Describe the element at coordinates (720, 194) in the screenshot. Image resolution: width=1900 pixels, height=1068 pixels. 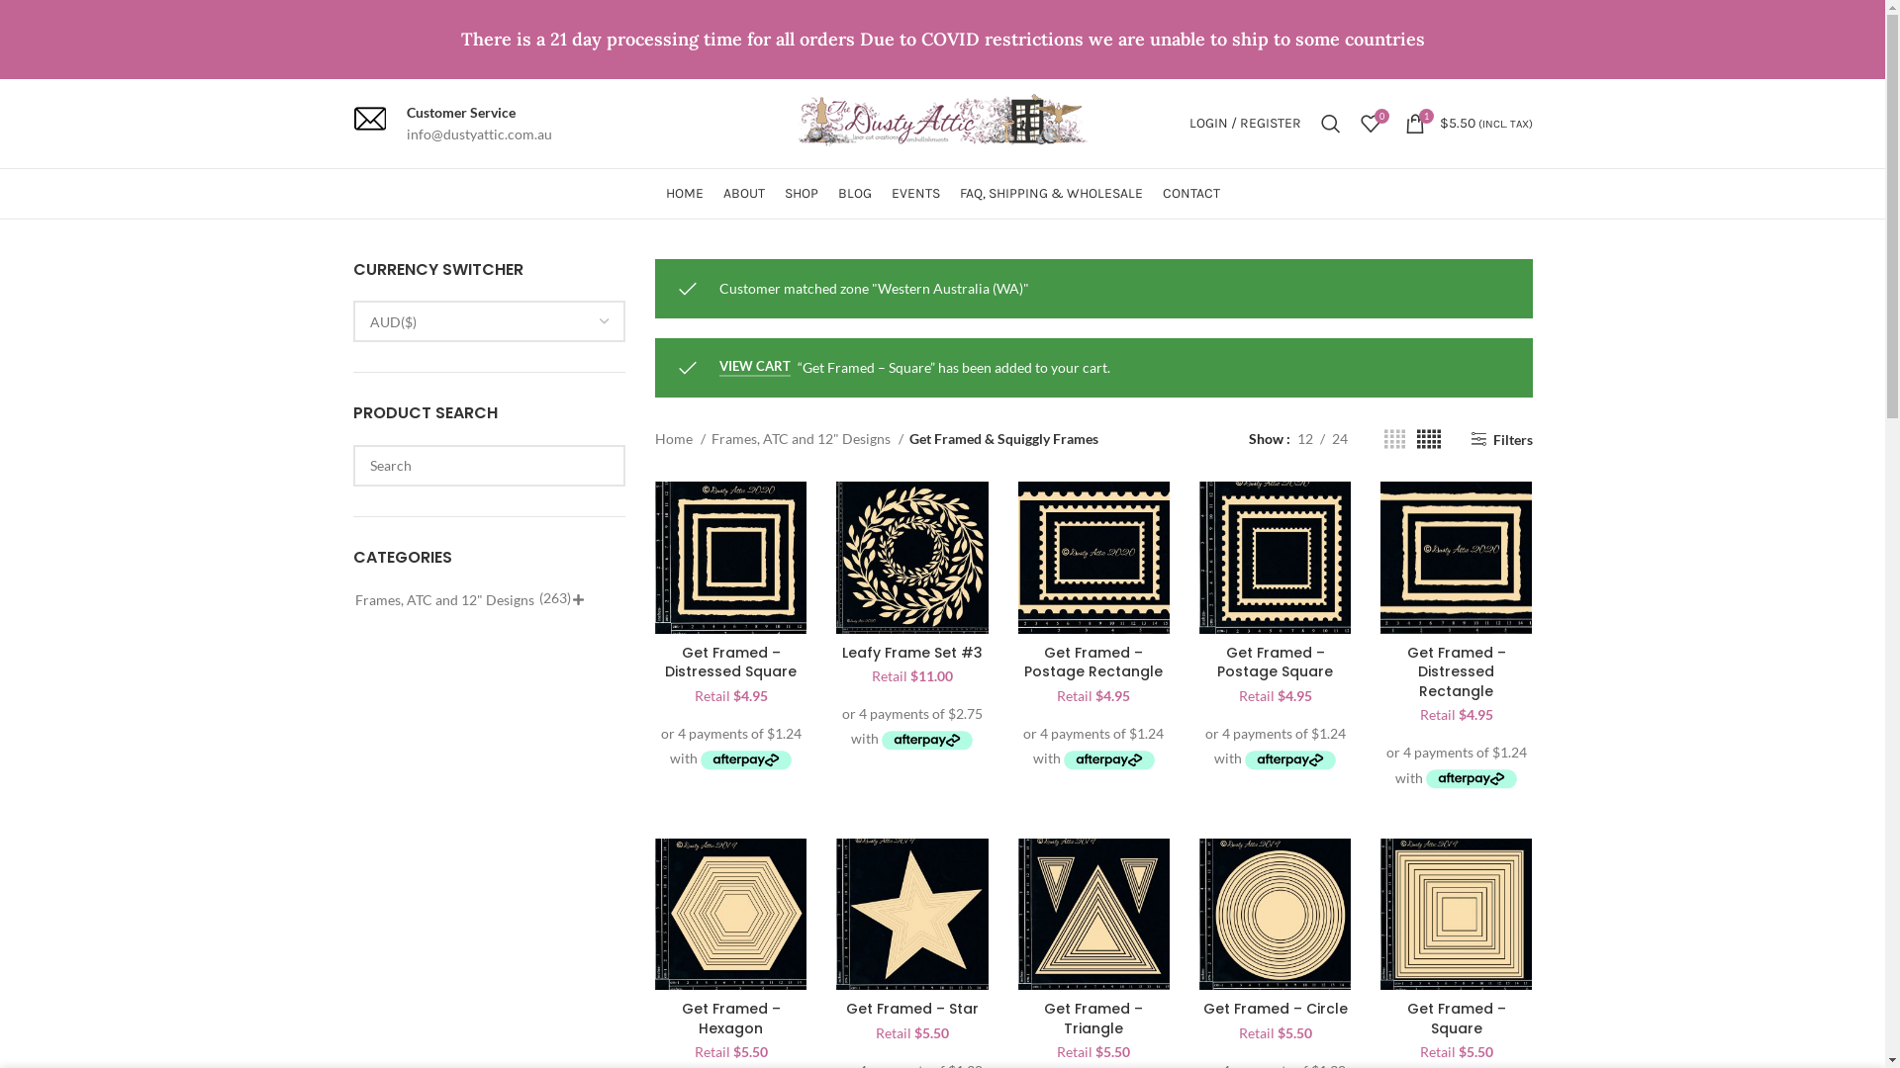
I see `'ABOUT'` at that location.